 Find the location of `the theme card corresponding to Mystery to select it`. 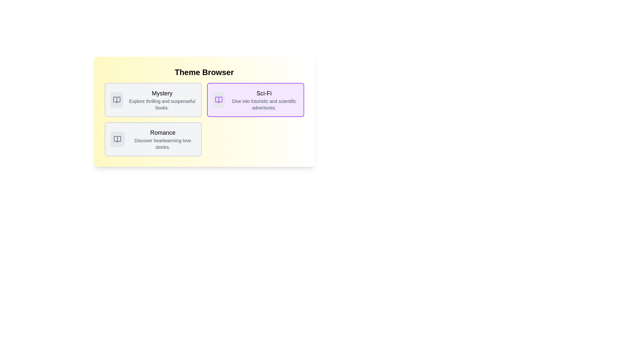

the theme card corresponding to Mystery to select it is located at coordinates (153, 100).